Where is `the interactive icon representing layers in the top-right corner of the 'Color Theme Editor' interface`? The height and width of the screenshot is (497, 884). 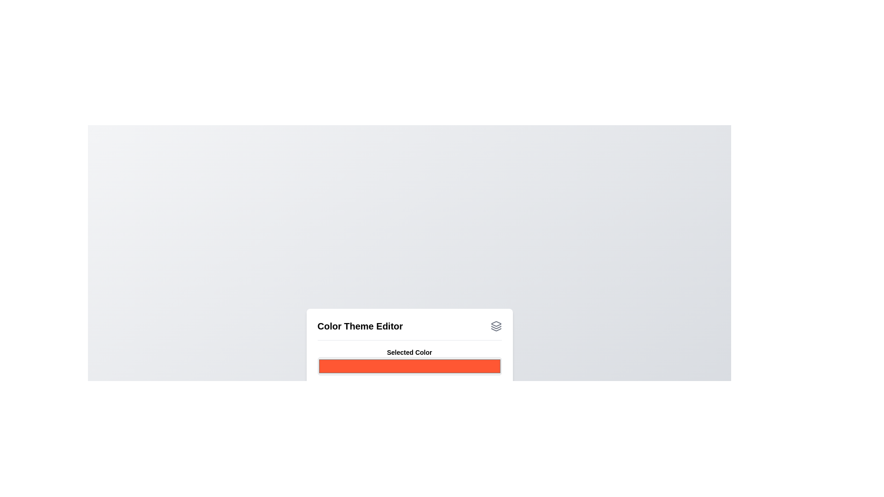 the interactive icon representing layers in the top-right corner of the 'Color Theme Editor' interface is located at coordinates (495, 325).